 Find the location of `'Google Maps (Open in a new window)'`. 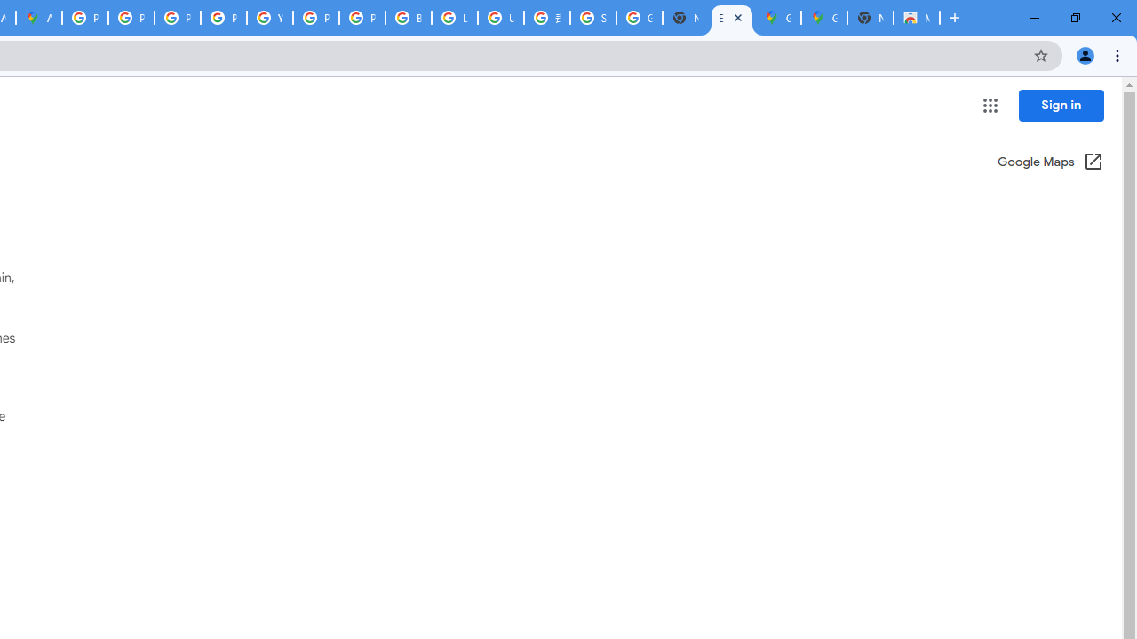

'Google Maps (Open in a new window)' is located at coordinates (1050, 162).